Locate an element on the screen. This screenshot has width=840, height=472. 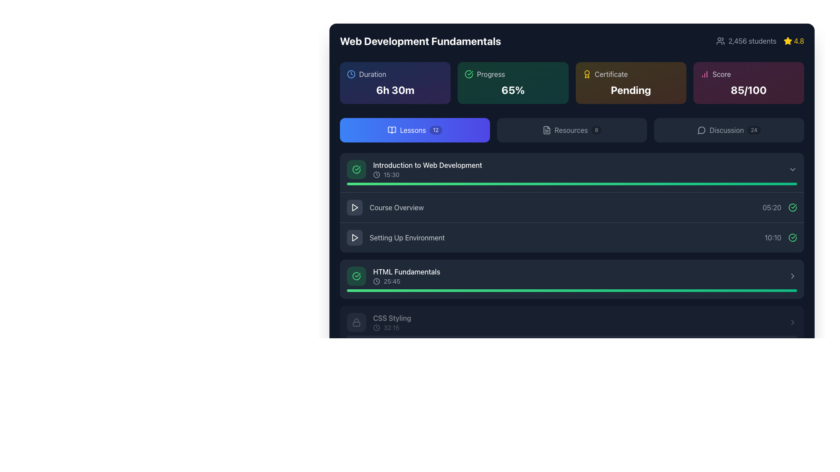
the decorative circle element in the SVG icon adjacent to the 'CSS Styling' course entry is located at coordinates (376, 327).